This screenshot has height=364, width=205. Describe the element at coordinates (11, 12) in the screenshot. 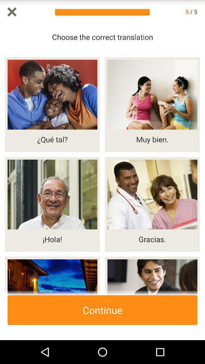

I see `the close icon` at that location.